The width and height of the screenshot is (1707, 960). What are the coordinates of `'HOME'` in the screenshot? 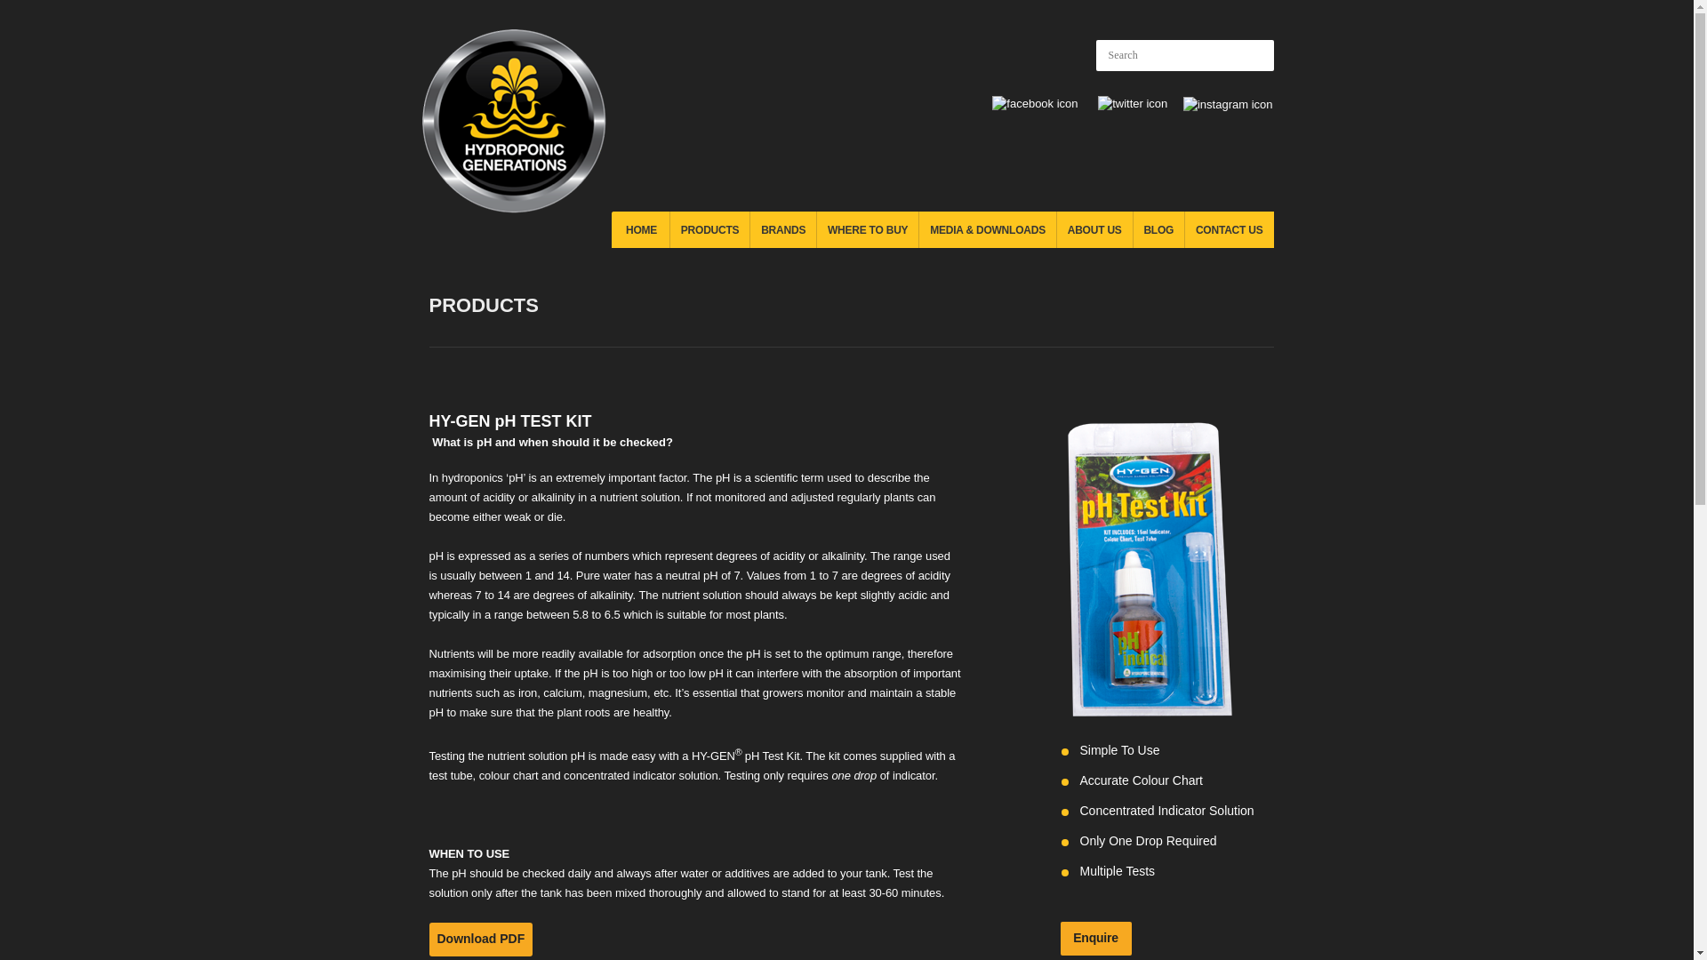 It's located at (640, 228).